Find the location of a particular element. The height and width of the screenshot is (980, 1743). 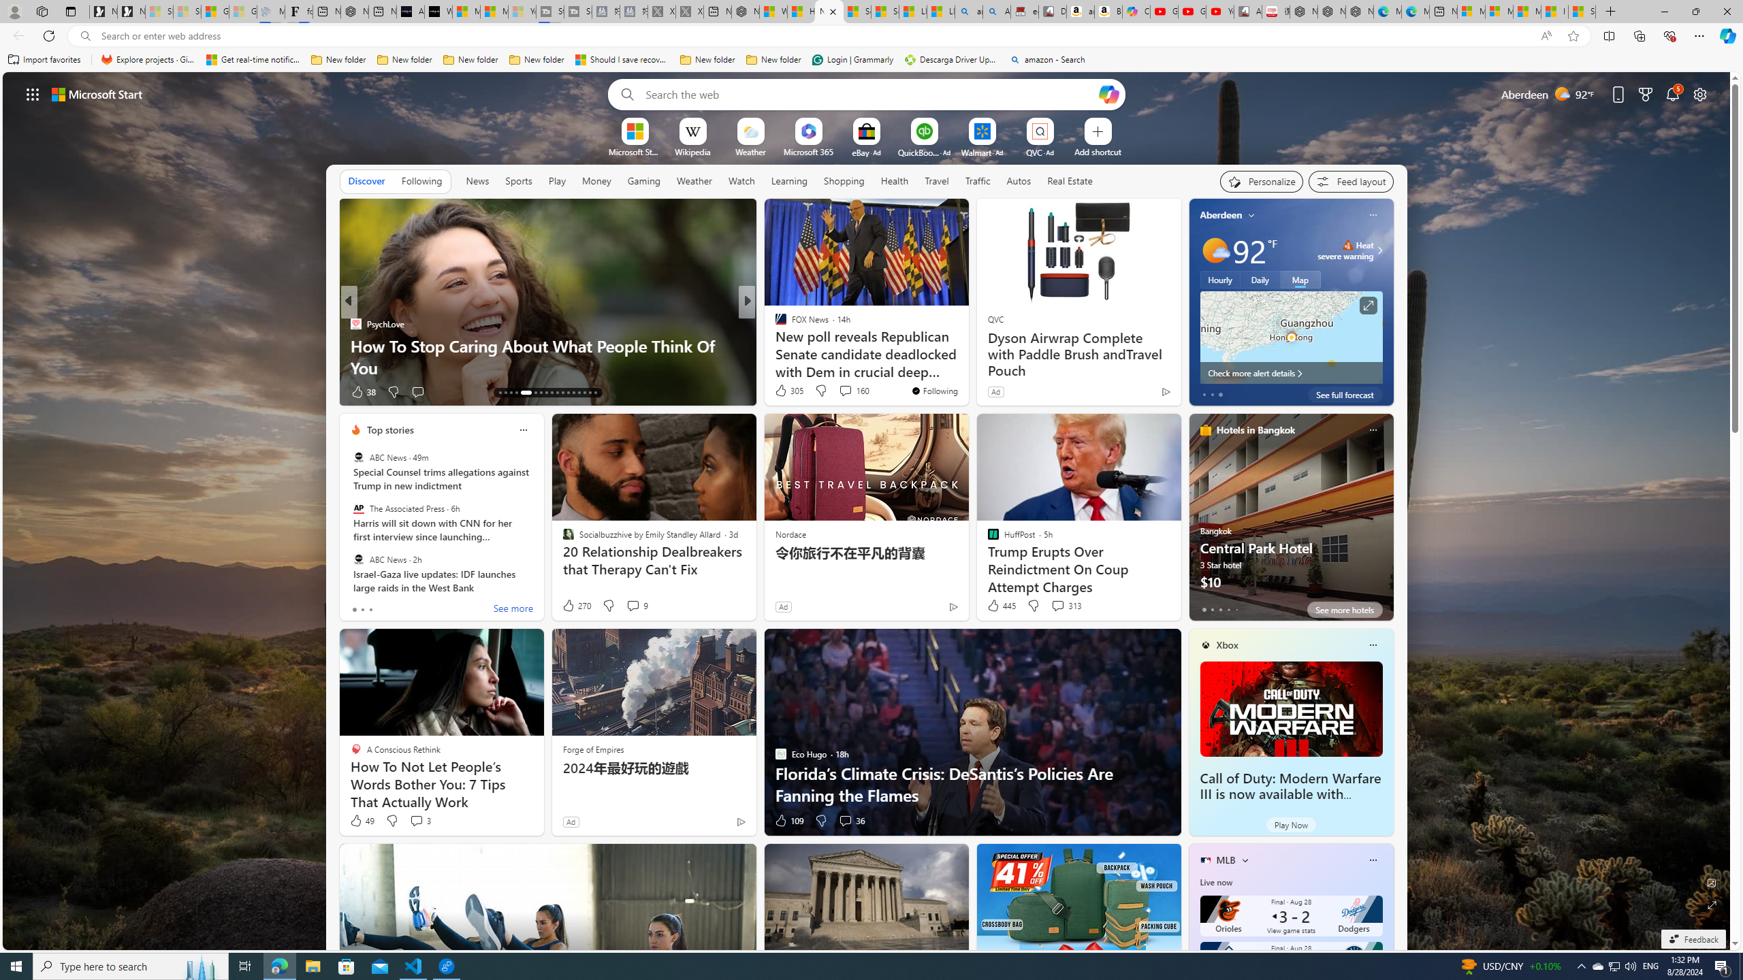

'Washington Examiner' is located at coordinates (774, 323).